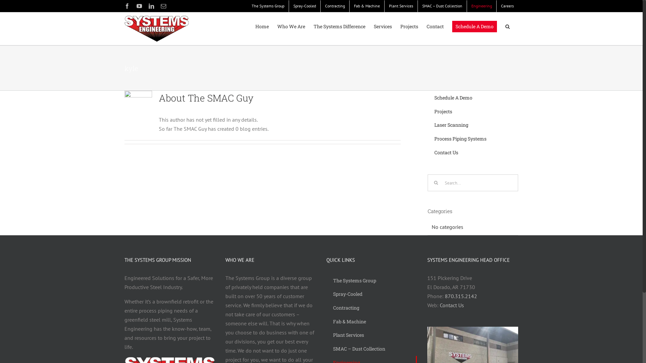  What do you see at coordinates (452, 305) in the screenshot?
I see `'Contact Us'` at bounding box center [452, 305].